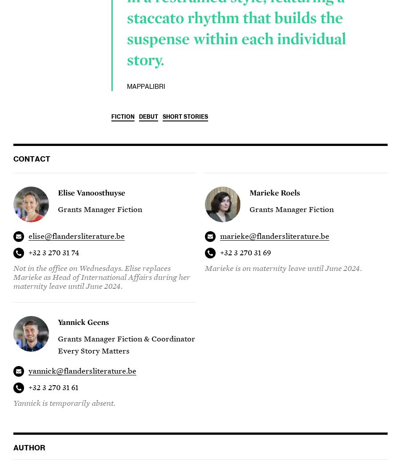  Describe the element at coordinates (53, 387) in the screenshot. I see `'+32 3 270 31 61'` at that location.